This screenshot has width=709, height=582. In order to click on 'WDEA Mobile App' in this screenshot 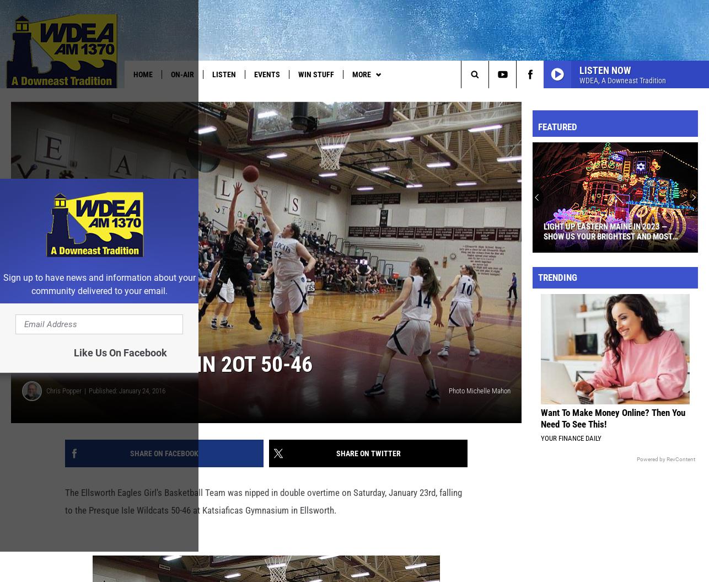, I will do `click(531, 97)`.